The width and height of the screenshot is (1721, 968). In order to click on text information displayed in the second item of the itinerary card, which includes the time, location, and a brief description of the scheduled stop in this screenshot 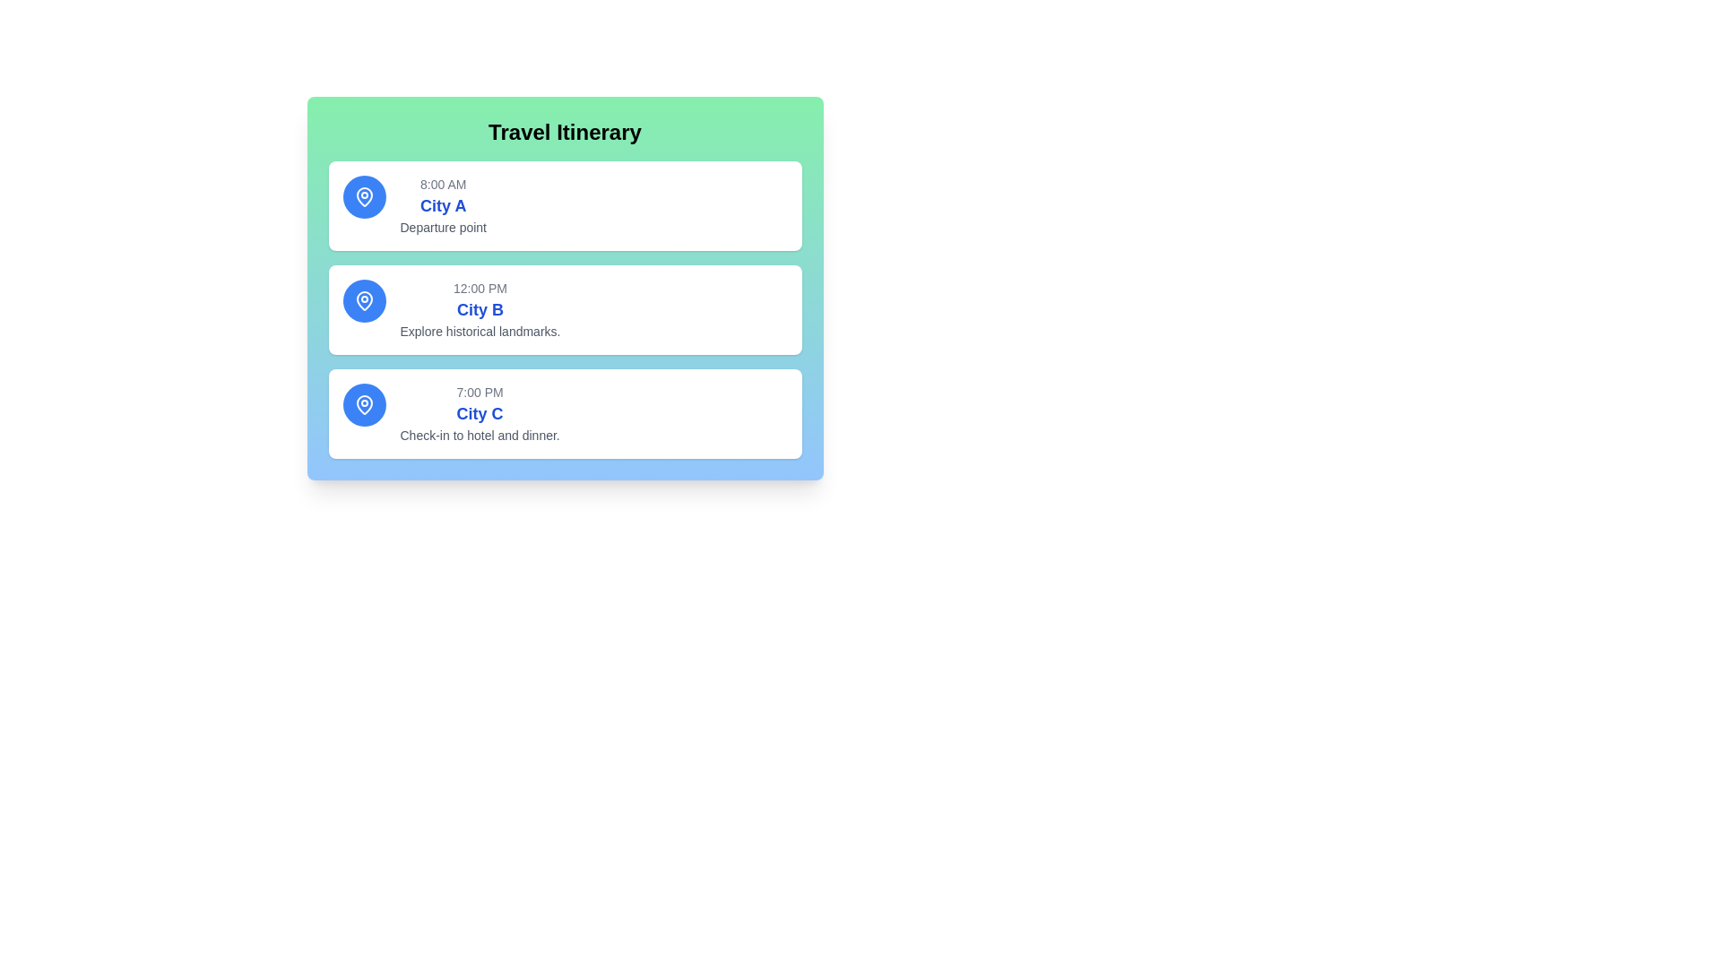, I will do `click(480, 309)`.